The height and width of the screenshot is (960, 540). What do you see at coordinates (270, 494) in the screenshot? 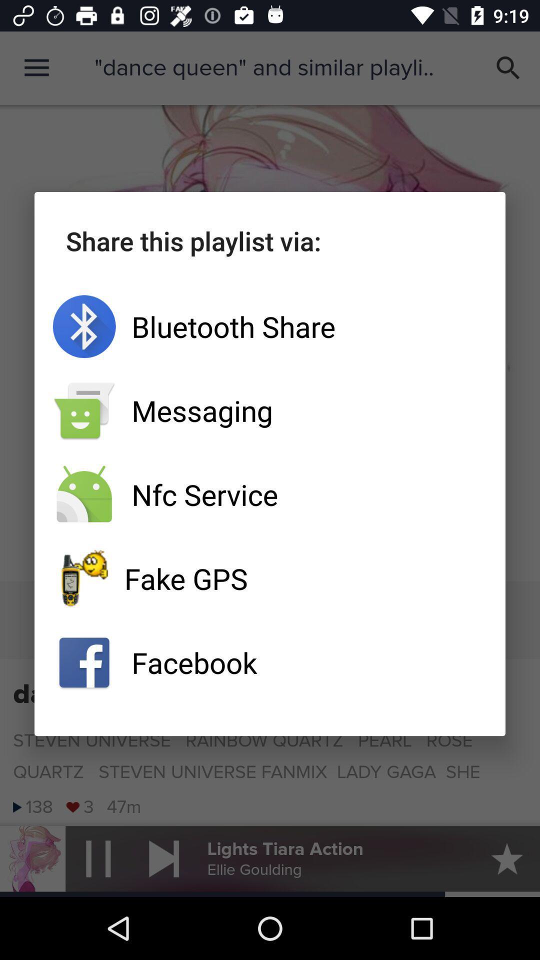
I see `app above fake gps app` at bounding box center [270, 494].